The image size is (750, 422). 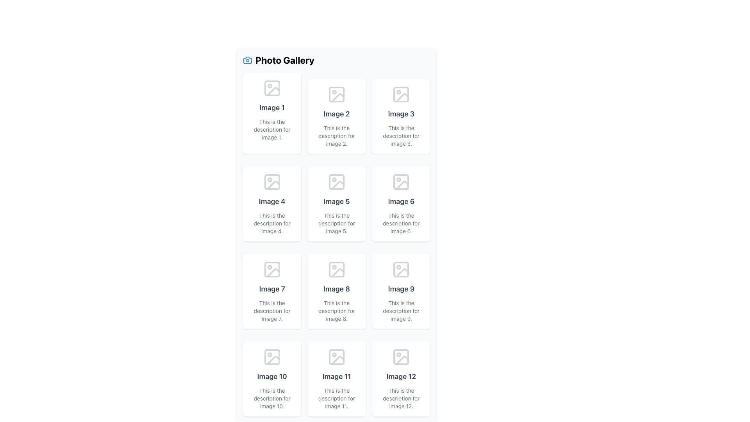 I want to click on the card representing 'Image 7' in the photo gallery, located in the center column of the third row of a 3xN grid layout, so click(x=272, y=291).